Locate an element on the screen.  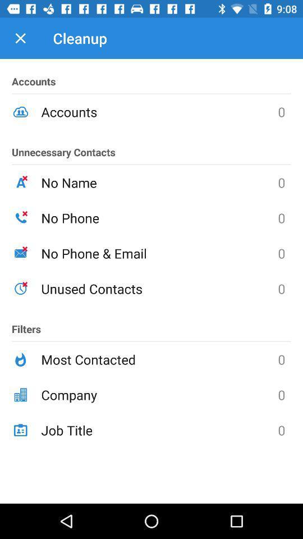
icon below 0 icon is located at coordinates (159, 430).